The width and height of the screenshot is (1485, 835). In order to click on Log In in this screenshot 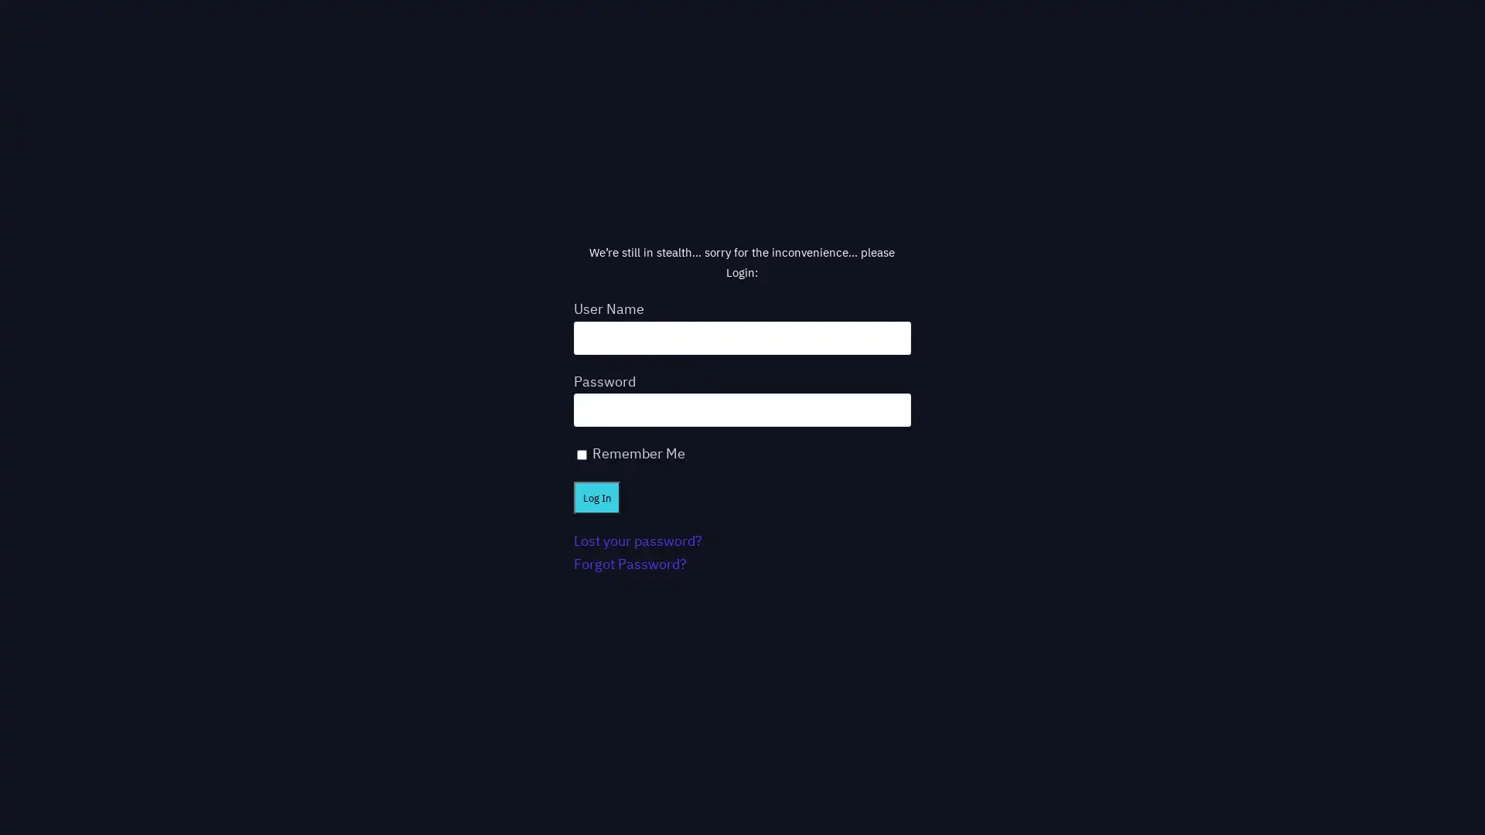, I will do `click(596, 497)`.